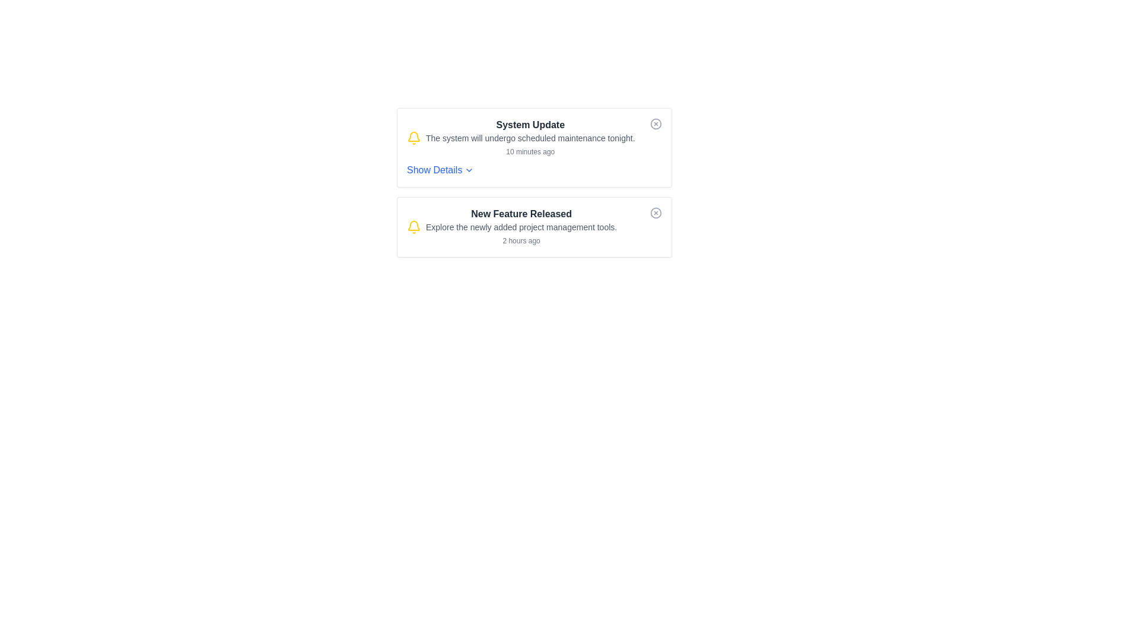 The image size is (1139, 641). I want to click on the first notification entry with a bell icon, bold text 'System Update', descriptive sentence, and timestamp located in the upper notification card, so click(521, 137).